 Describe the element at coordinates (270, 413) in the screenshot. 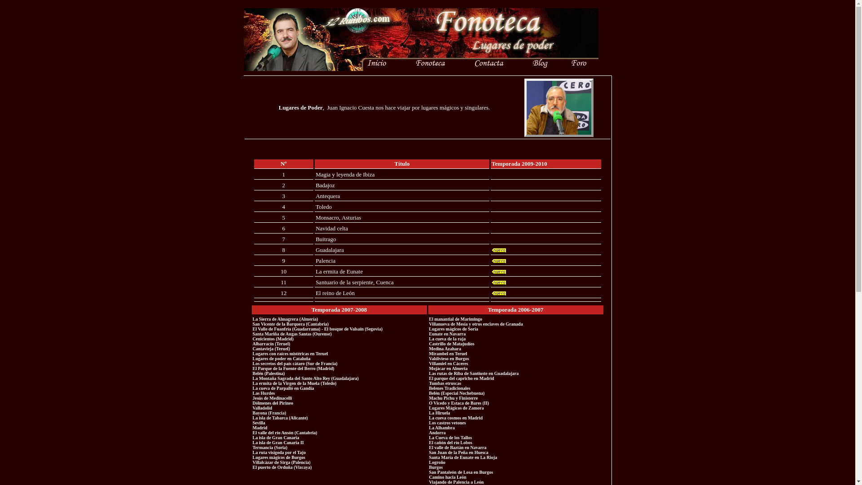

I see `'Bayona (Francia)   '` at that location.